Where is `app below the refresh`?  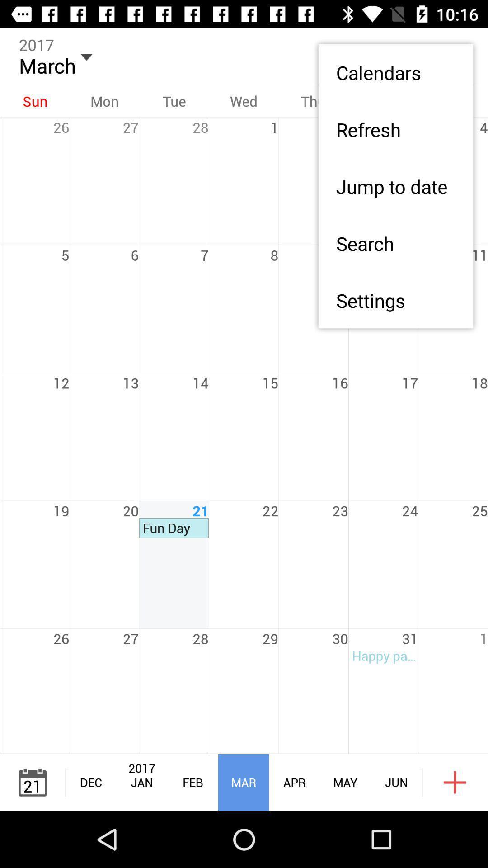
app below the refresh is located at coordinates (395, 186).